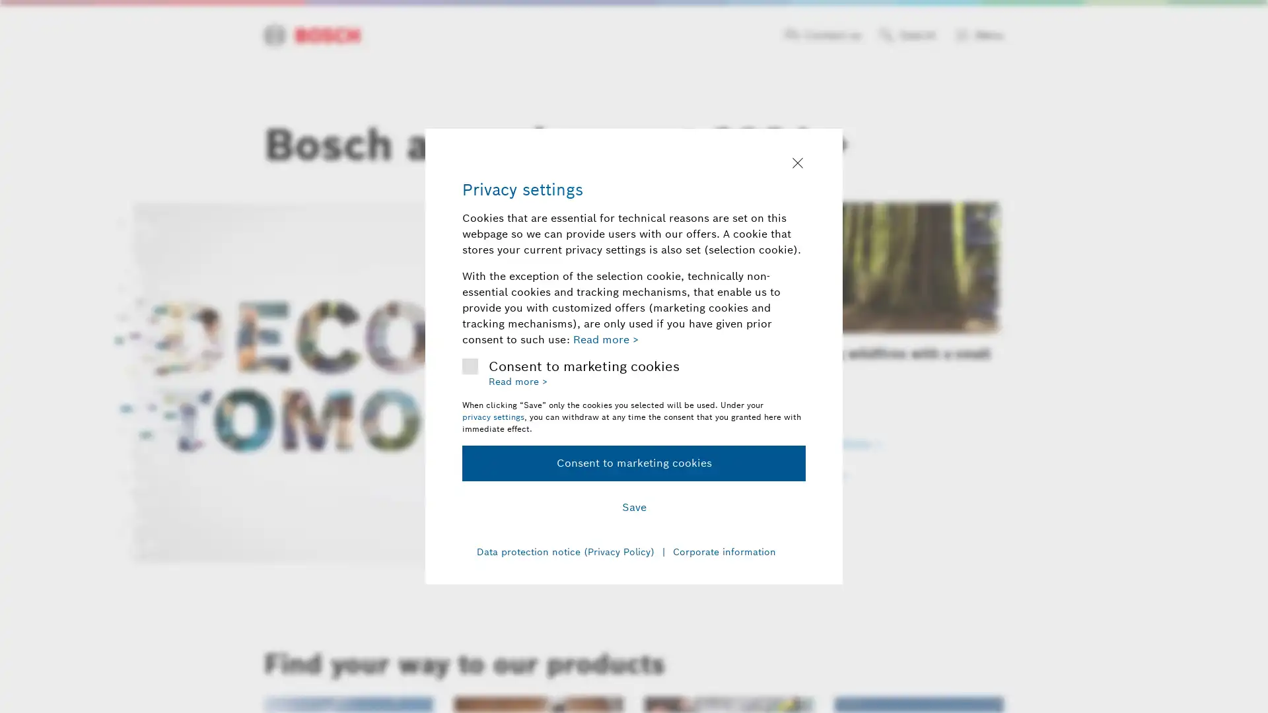  I want to click on Save, so click(634, 506).